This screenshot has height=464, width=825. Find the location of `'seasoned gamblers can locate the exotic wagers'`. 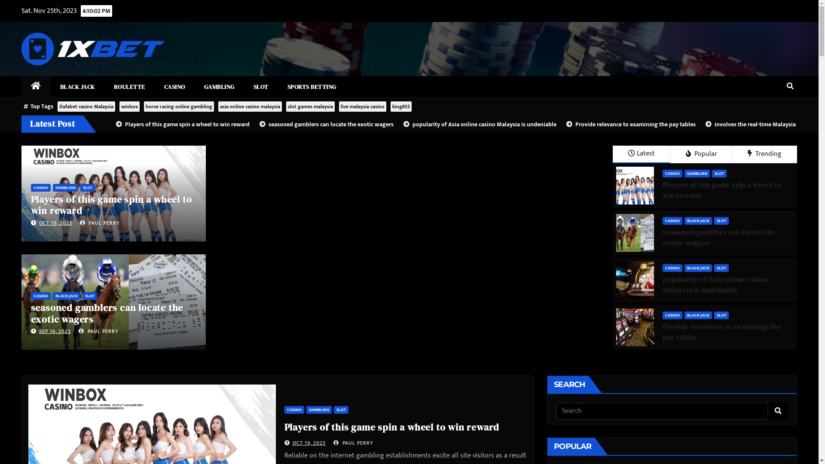

'seasoned gamblers can locate the exotic wagers' is located at coordinates (107, 313).